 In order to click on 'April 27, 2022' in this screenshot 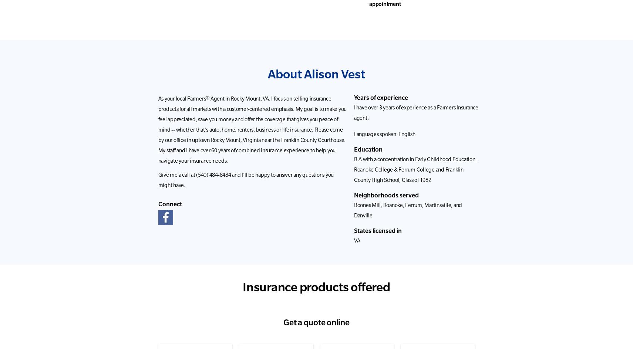, I will do `click(493, 66)`.